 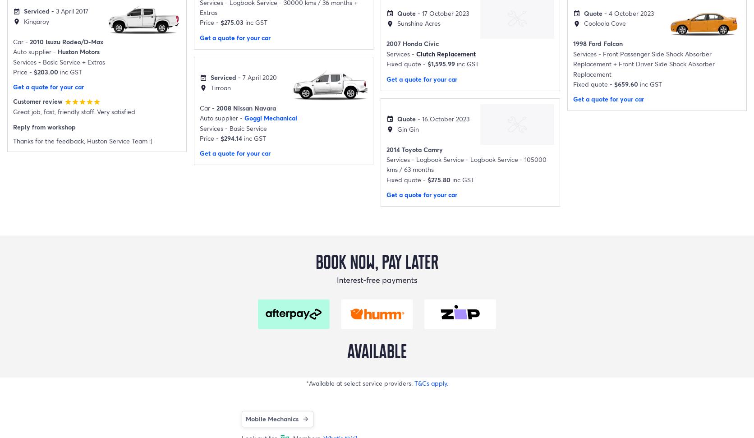 What do you see at coordinates (412, 43) in the screenshot?
I see `'2007 Honda Civic'` at bounding box center [412, 43].